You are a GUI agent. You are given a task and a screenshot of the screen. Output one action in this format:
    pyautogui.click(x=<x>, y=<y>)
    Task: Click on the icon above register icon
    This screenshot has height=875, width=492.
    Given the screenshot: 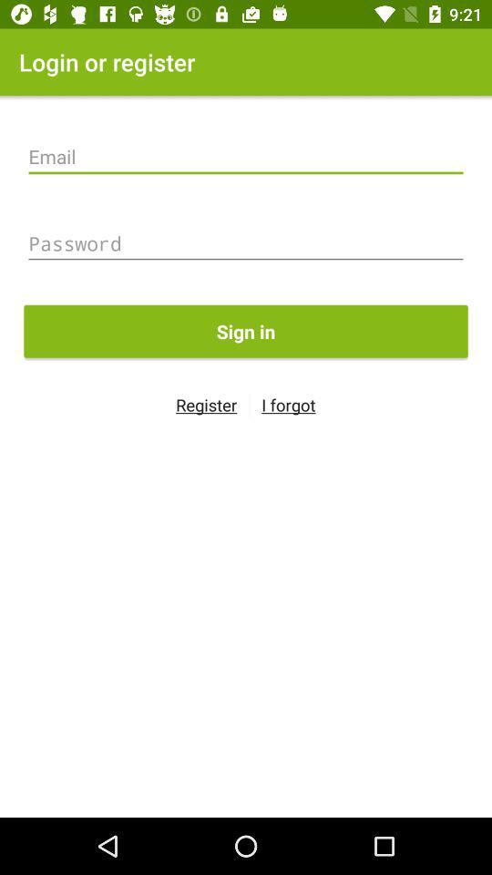 What is the action you would take?
    pyautogui.click(x=246, y=330)
    